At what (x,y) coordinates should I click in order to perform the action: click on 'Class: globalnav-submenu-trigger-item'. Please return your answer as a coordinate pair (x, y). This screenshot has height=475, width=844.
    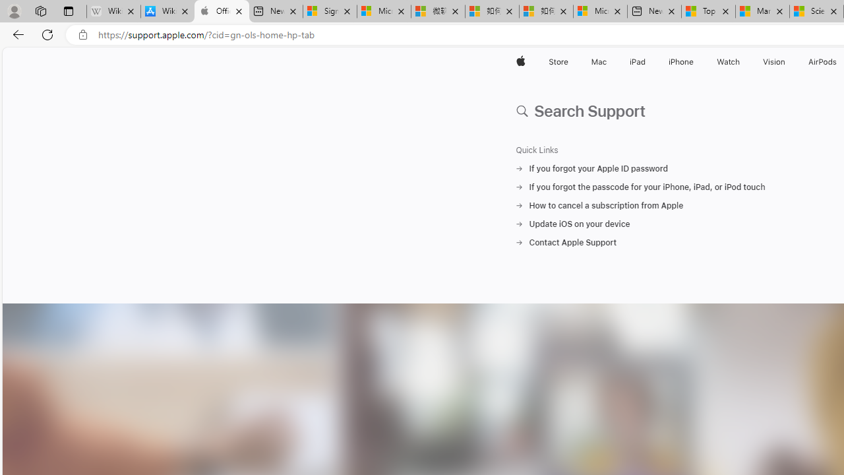
    Looking at the image, I should click on (788, 61).